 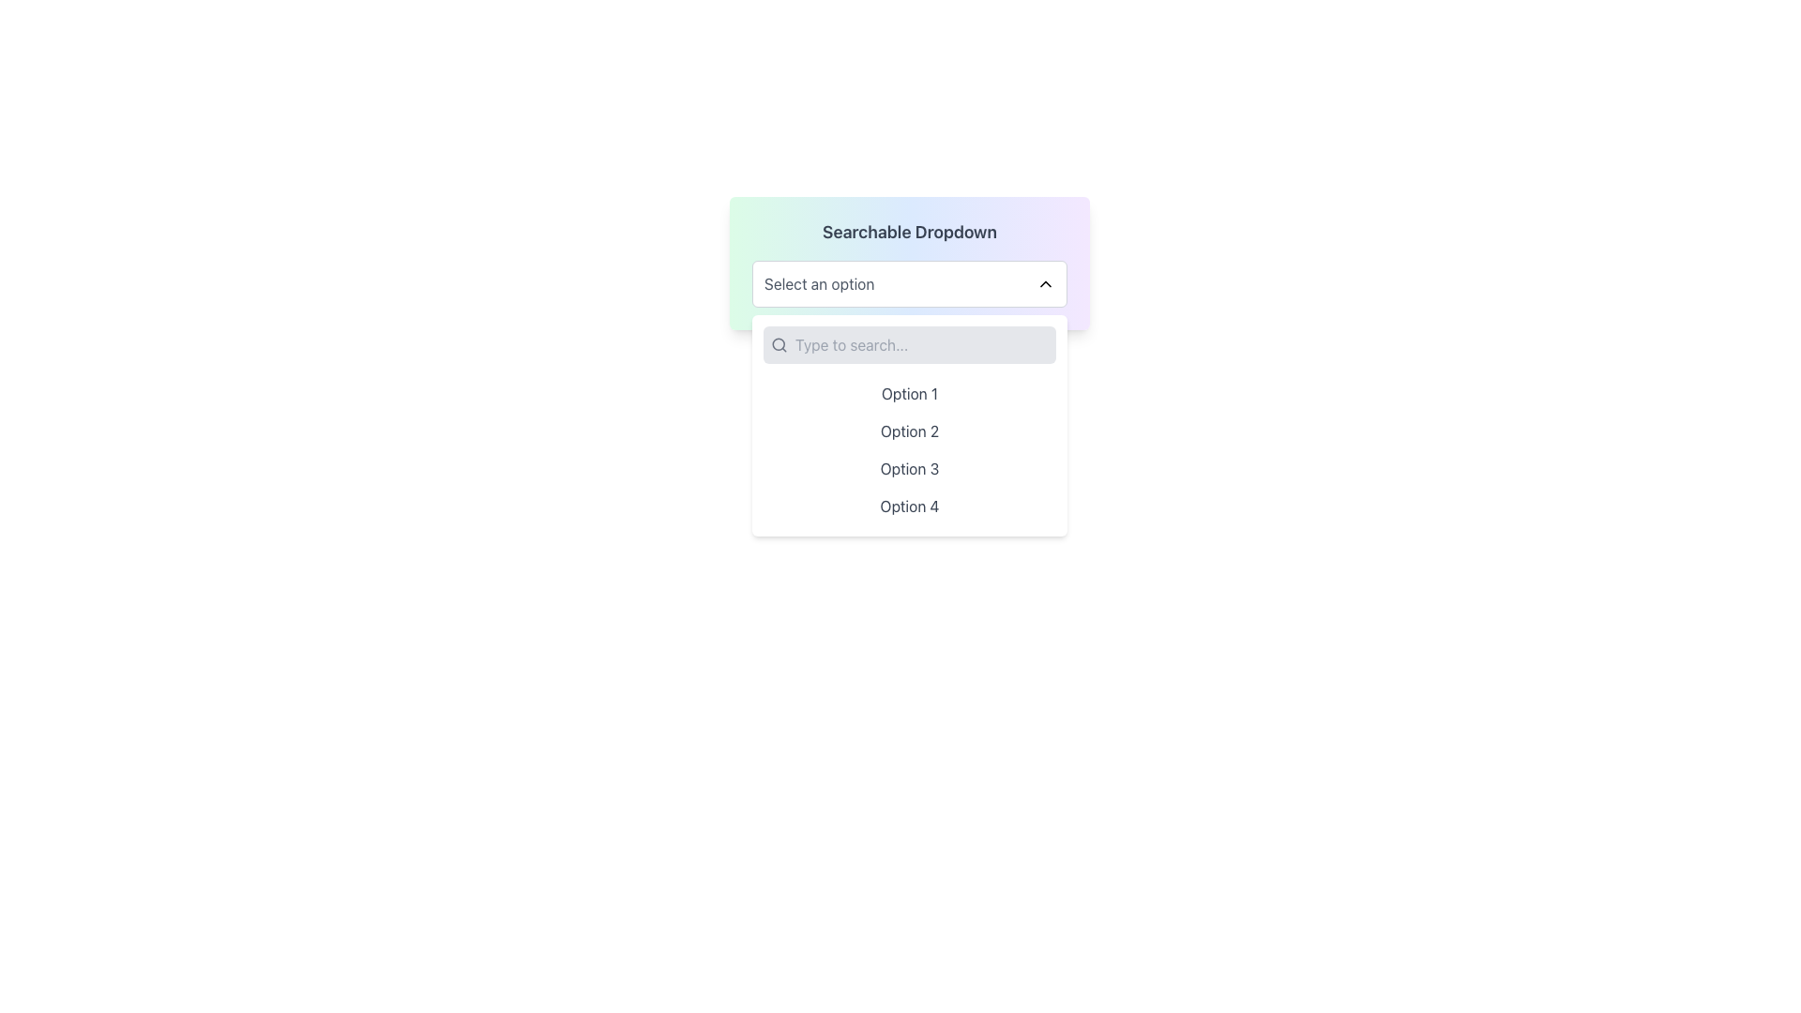 What do you see at coordinates (909, 431) in the screenshot?
I see `to select the second option in the 'Searchable Dropdown' menu` at bounding box center [909, 431].